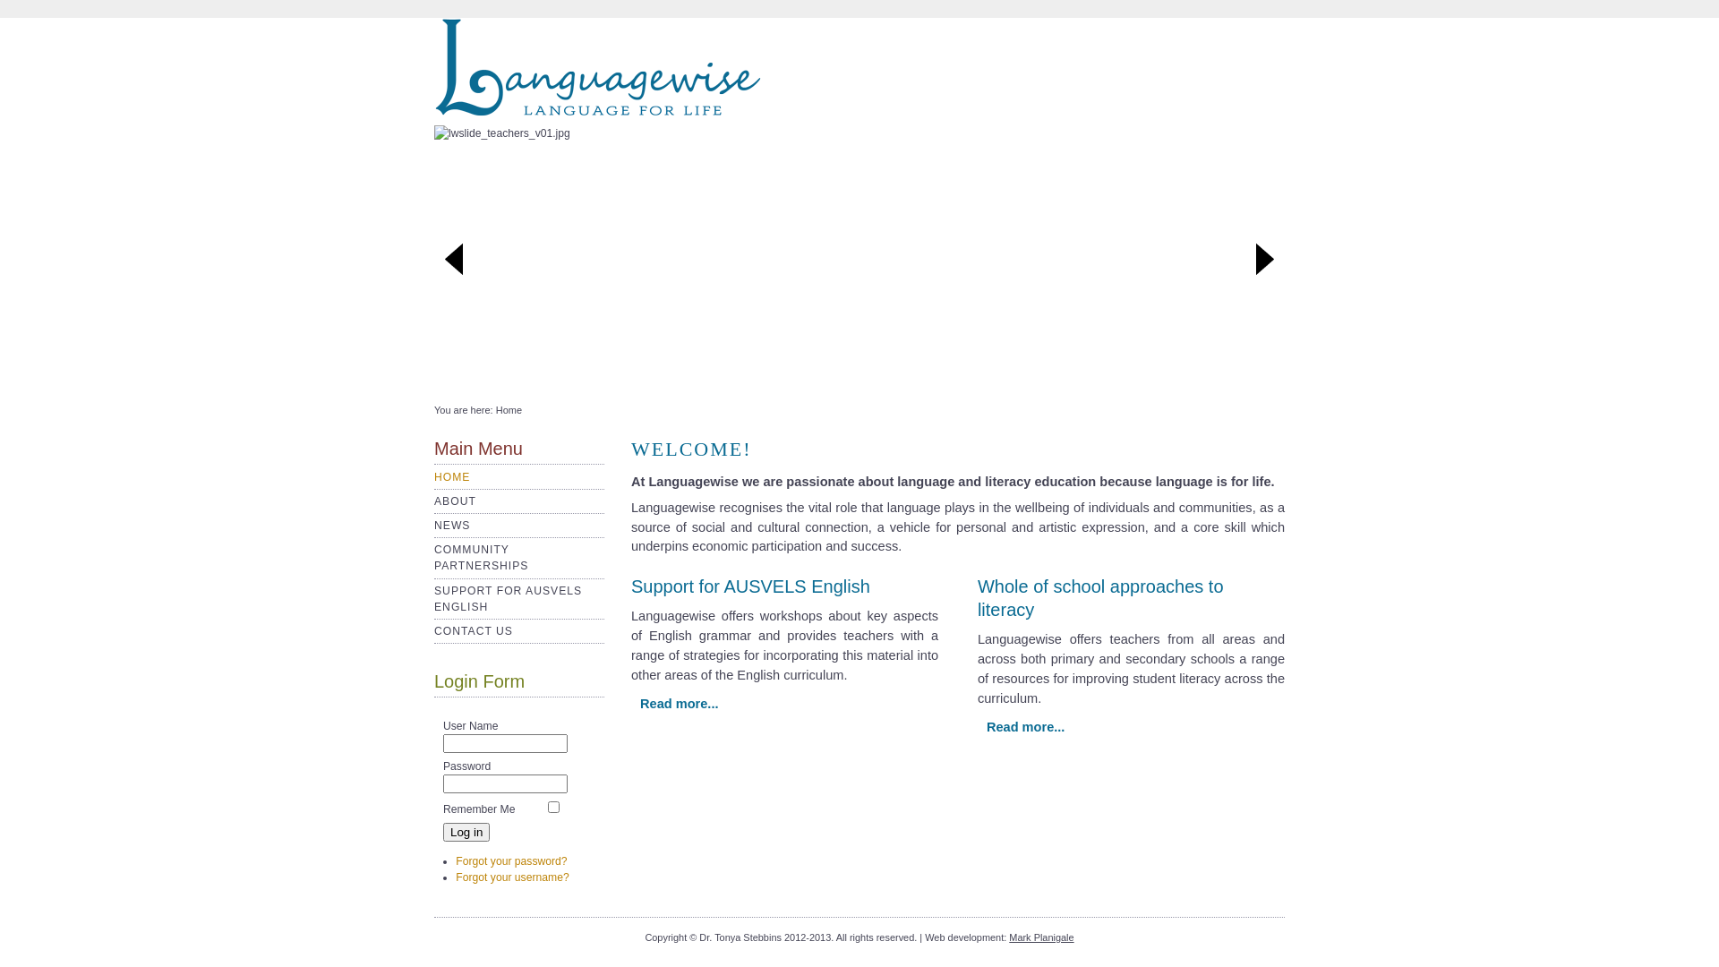 This screenshot has width=1719, height=967. What do you see at coordinates (433, 598) in the screenshot?
I see `'SUPPORT FOR AUSVELS ENGLISH'` at bounding box center [433, 598].